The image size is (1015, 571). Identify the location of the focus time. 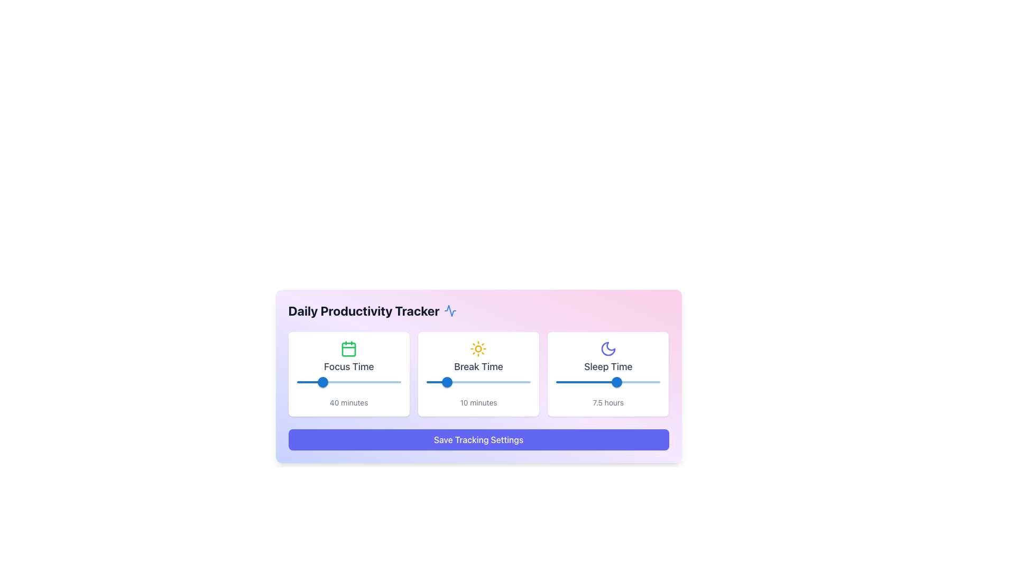
(399, 382).